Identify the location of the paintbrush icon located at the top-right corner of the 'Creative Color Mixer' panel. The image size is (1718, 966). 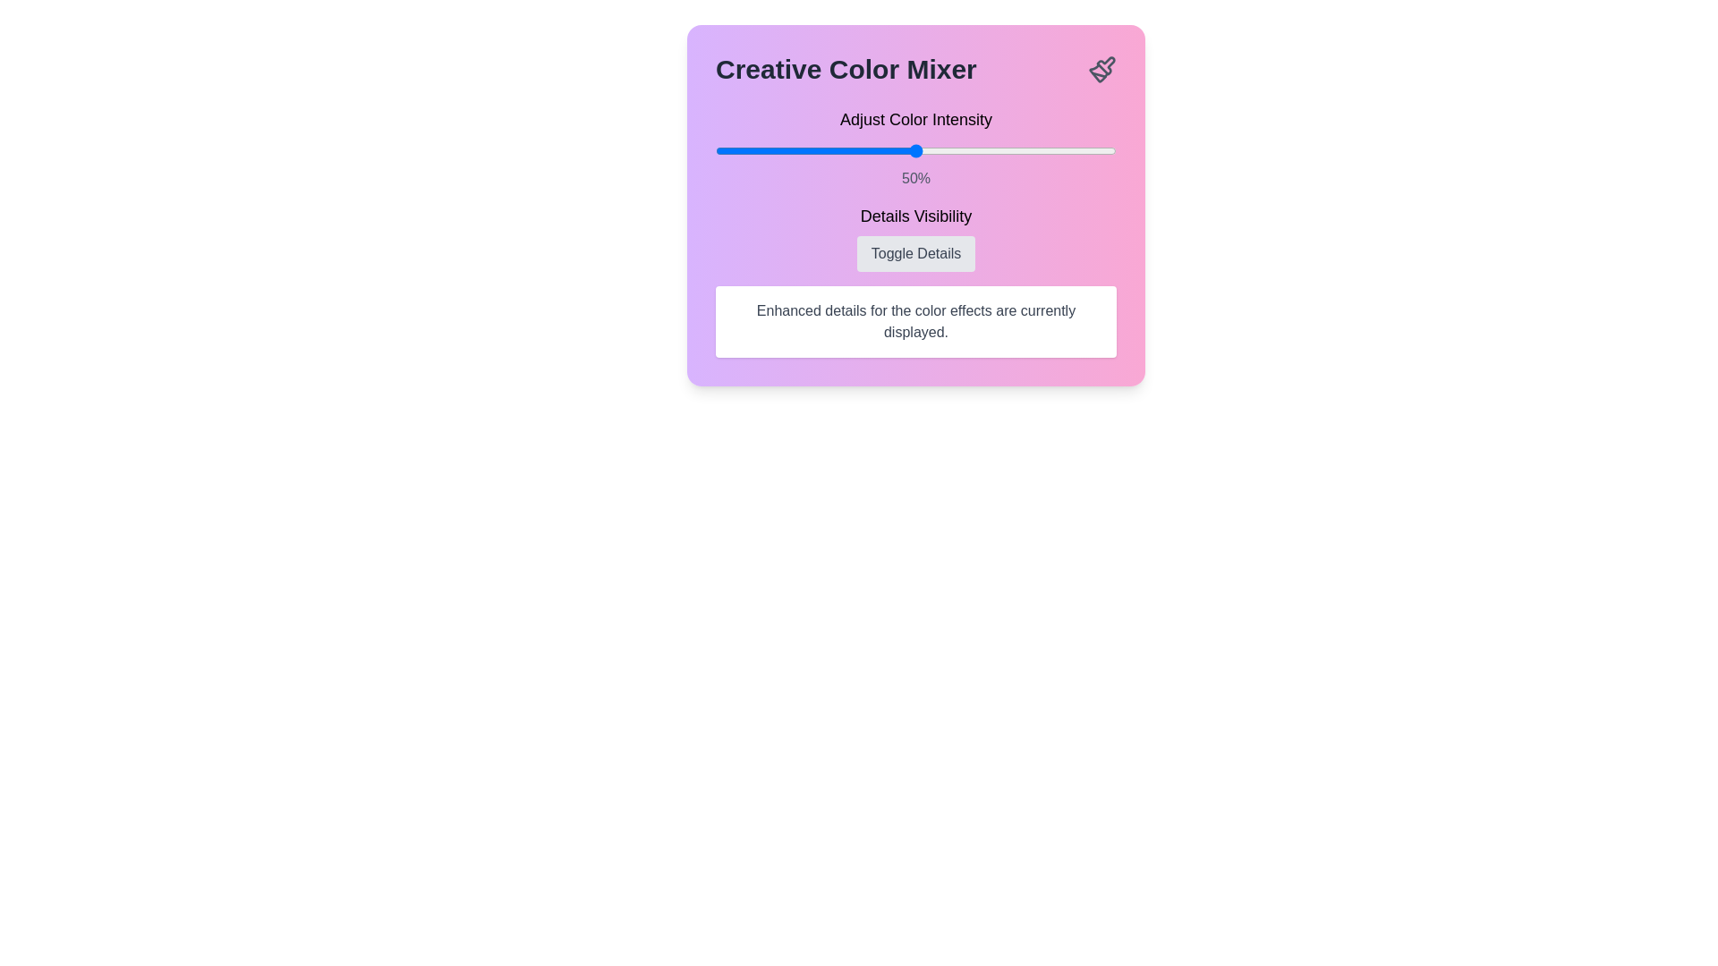
(1101, 68).